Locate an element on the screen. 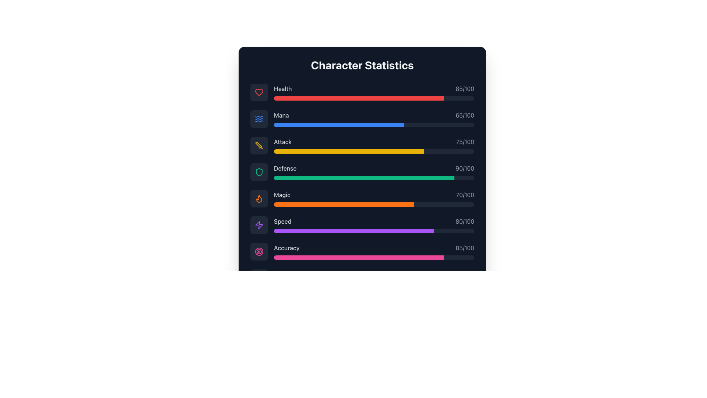 This screenshot has height=398, width=707. the shield-shaped icon filled with a green stroke located next to the 'Defense' label in the character statistics interface, as it has interactive functionality is located at coordinates (259, 172).